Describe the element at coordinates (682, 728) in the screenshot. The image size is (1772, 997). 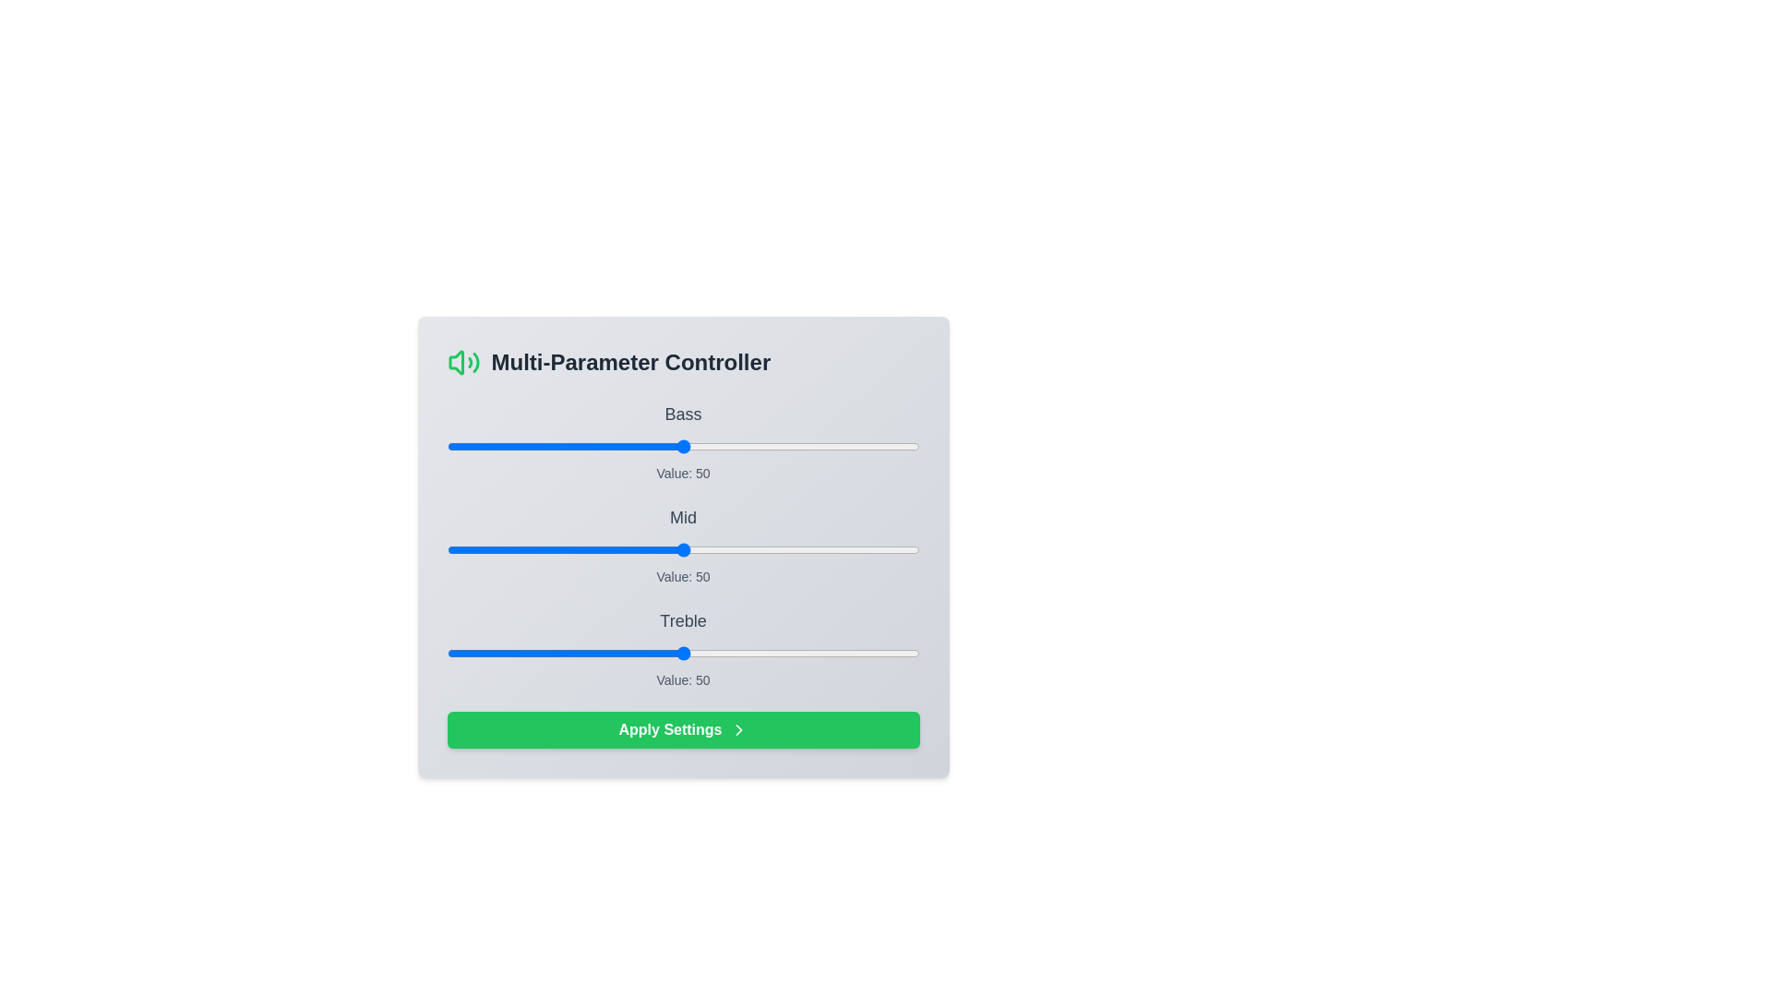
I see `the 'Apply Settings' button` at that location.